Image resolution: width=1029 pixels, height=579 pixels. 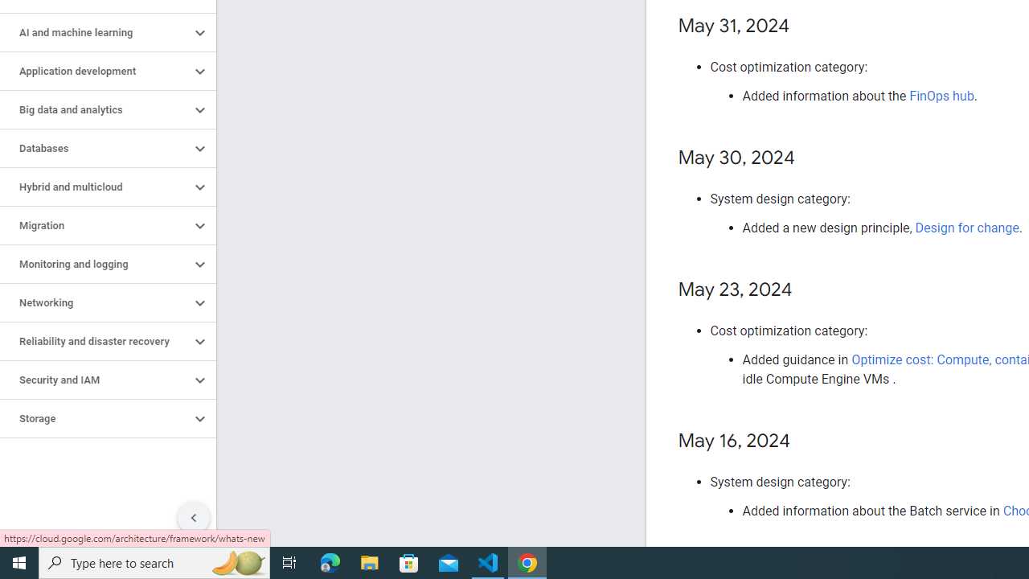 What do you see at coordinates (94, 149) in the screenshot?
I see `'Databases'` at bounding box center [94, 149].